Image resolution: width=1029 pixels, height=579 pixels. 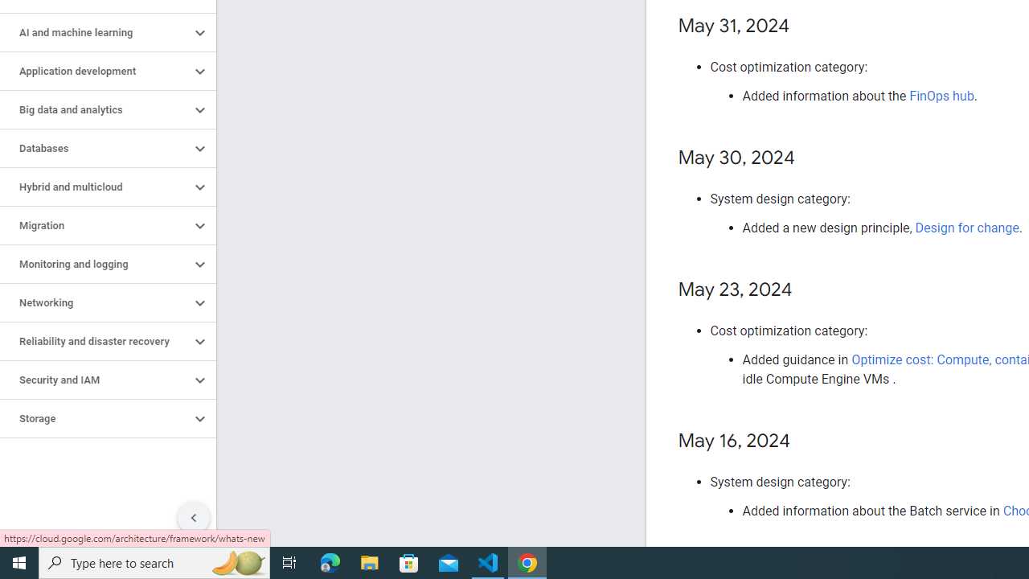 What do you see at coordinates (94, 149) in the screenshot?
I see `'Databases'` at bounding box center [94, 149].